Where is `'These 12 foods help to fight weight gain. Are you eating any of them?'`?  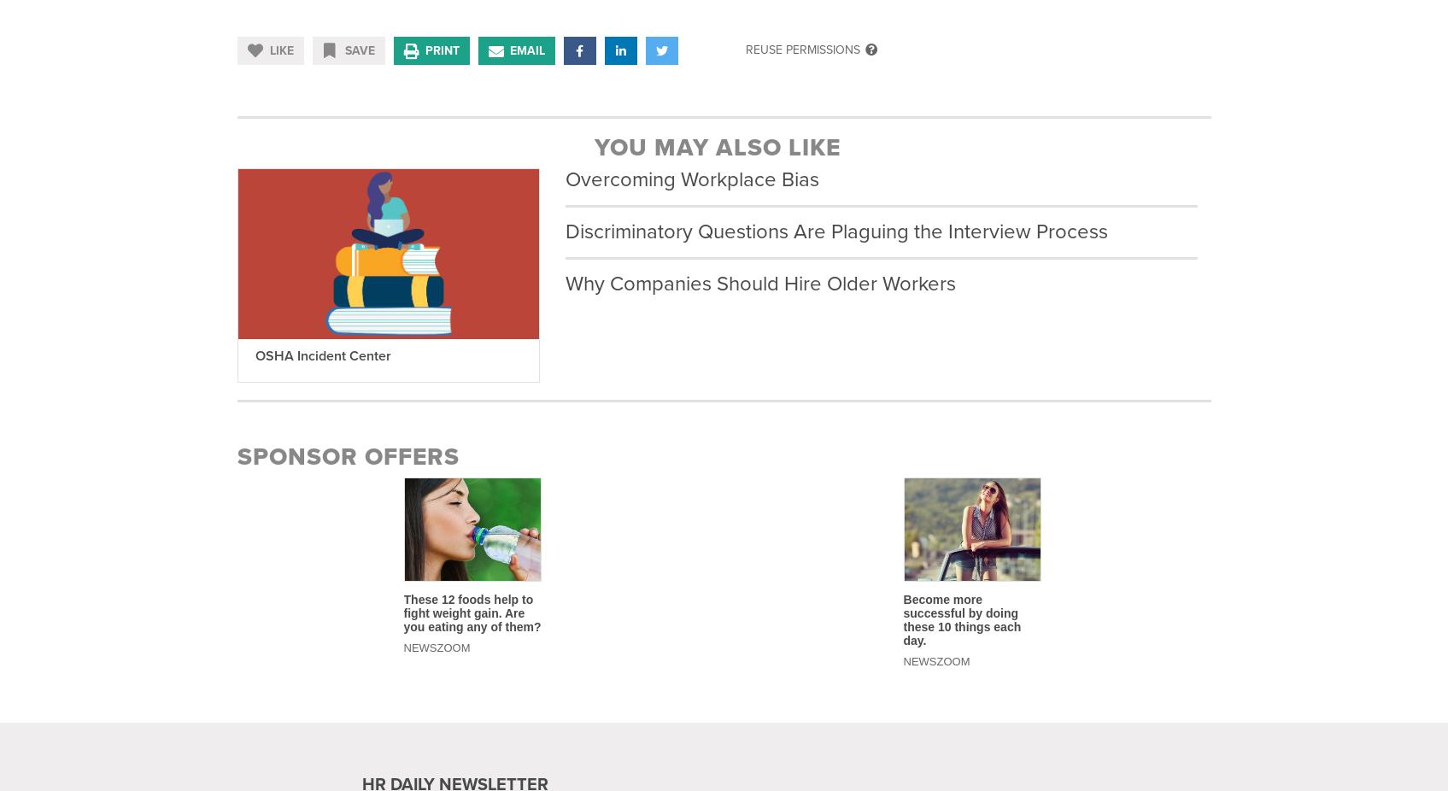 'These 12 foods help to fight weight gain. Are you eating any of them?' is located at coordinates (472, 612).